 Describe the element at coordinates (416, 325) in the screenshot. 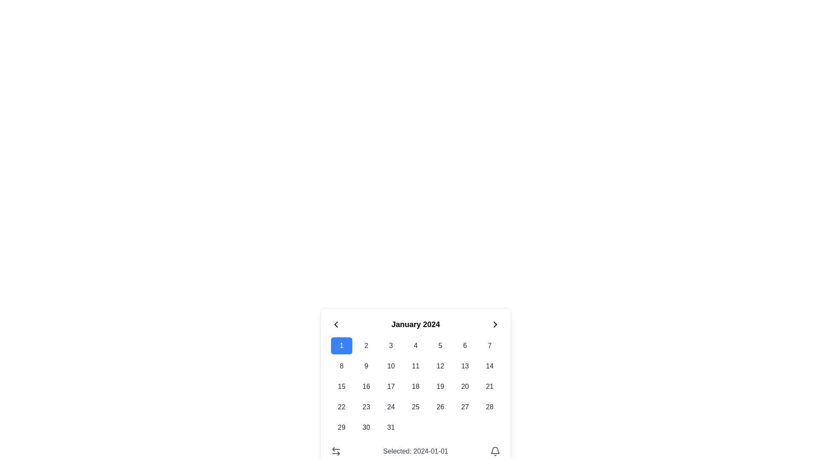

I see `the text label displaying 'January 2024', which is the heading of the calendar interface, positioned between two chevron icons` at that location.